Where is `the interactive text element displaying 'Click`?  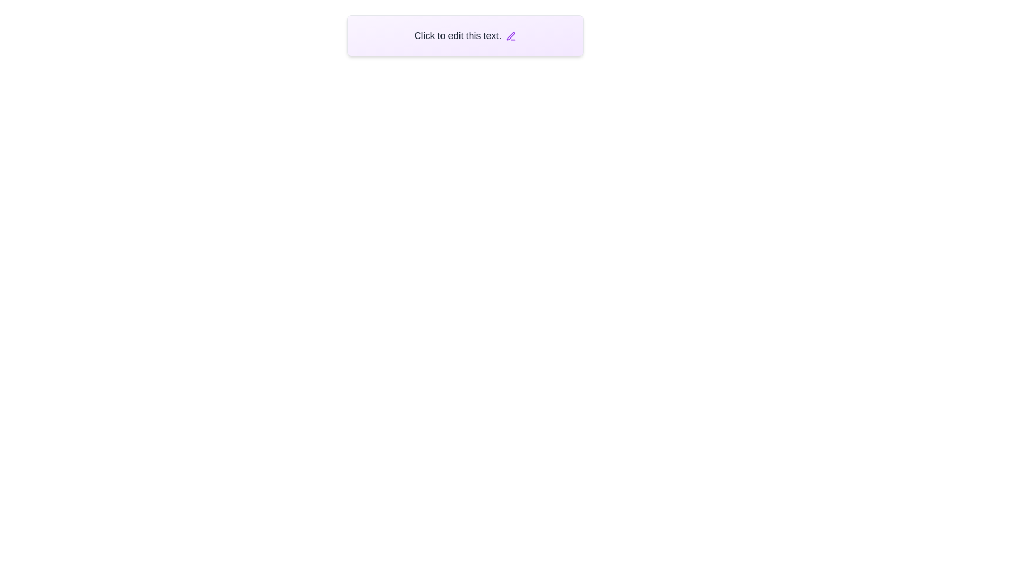
the interactive text element displaying 'Click is located at coordinates (465, 35).